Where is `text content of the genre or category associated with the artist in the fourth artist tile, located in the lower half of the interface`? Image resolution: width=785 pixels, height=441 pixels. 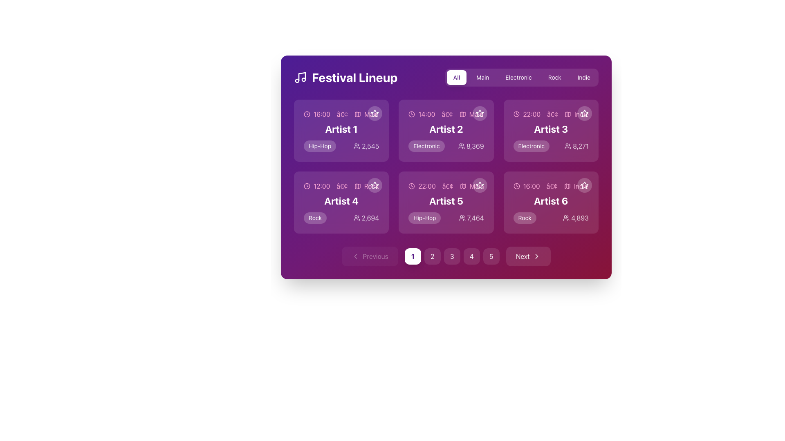 text content of the genre or category associated with the artist in the fourth artist tile, located in the lower half of the interface is located at coordinates (371, 186).